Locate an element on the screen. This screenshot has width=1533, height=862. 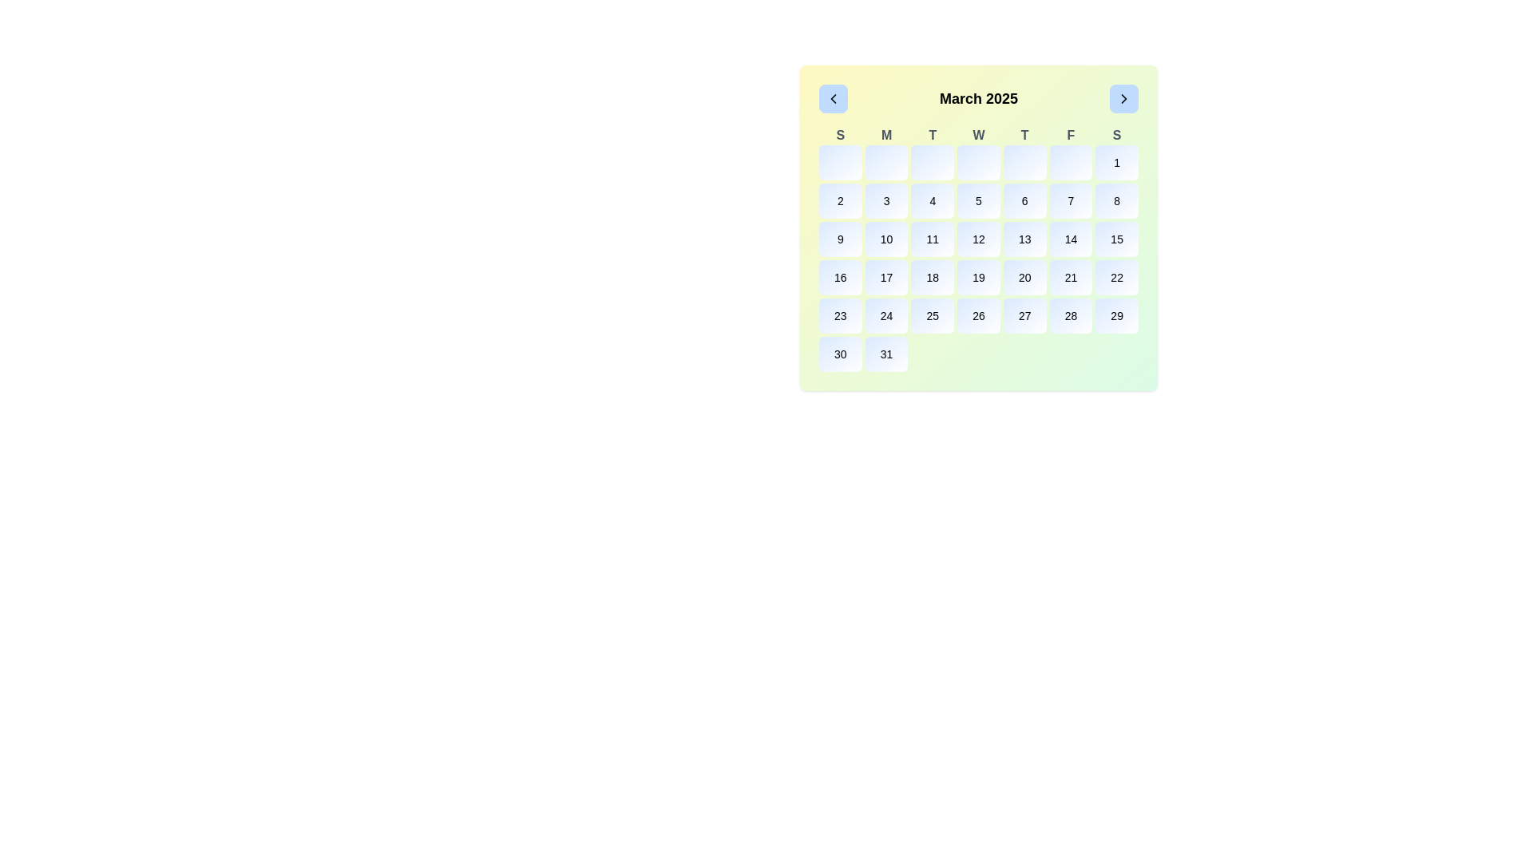
the text label indicating 'Sunday', which is the first column in the calendar labeled 'SMTWTFS' is located at coordinates (839, 134).